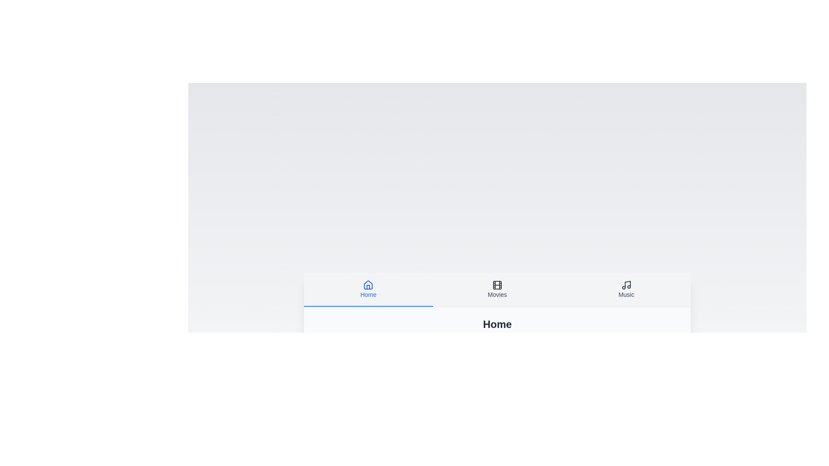 This screenshot has width=829, height=466. I want to click on the tab labeled Music, so click(626, 290).